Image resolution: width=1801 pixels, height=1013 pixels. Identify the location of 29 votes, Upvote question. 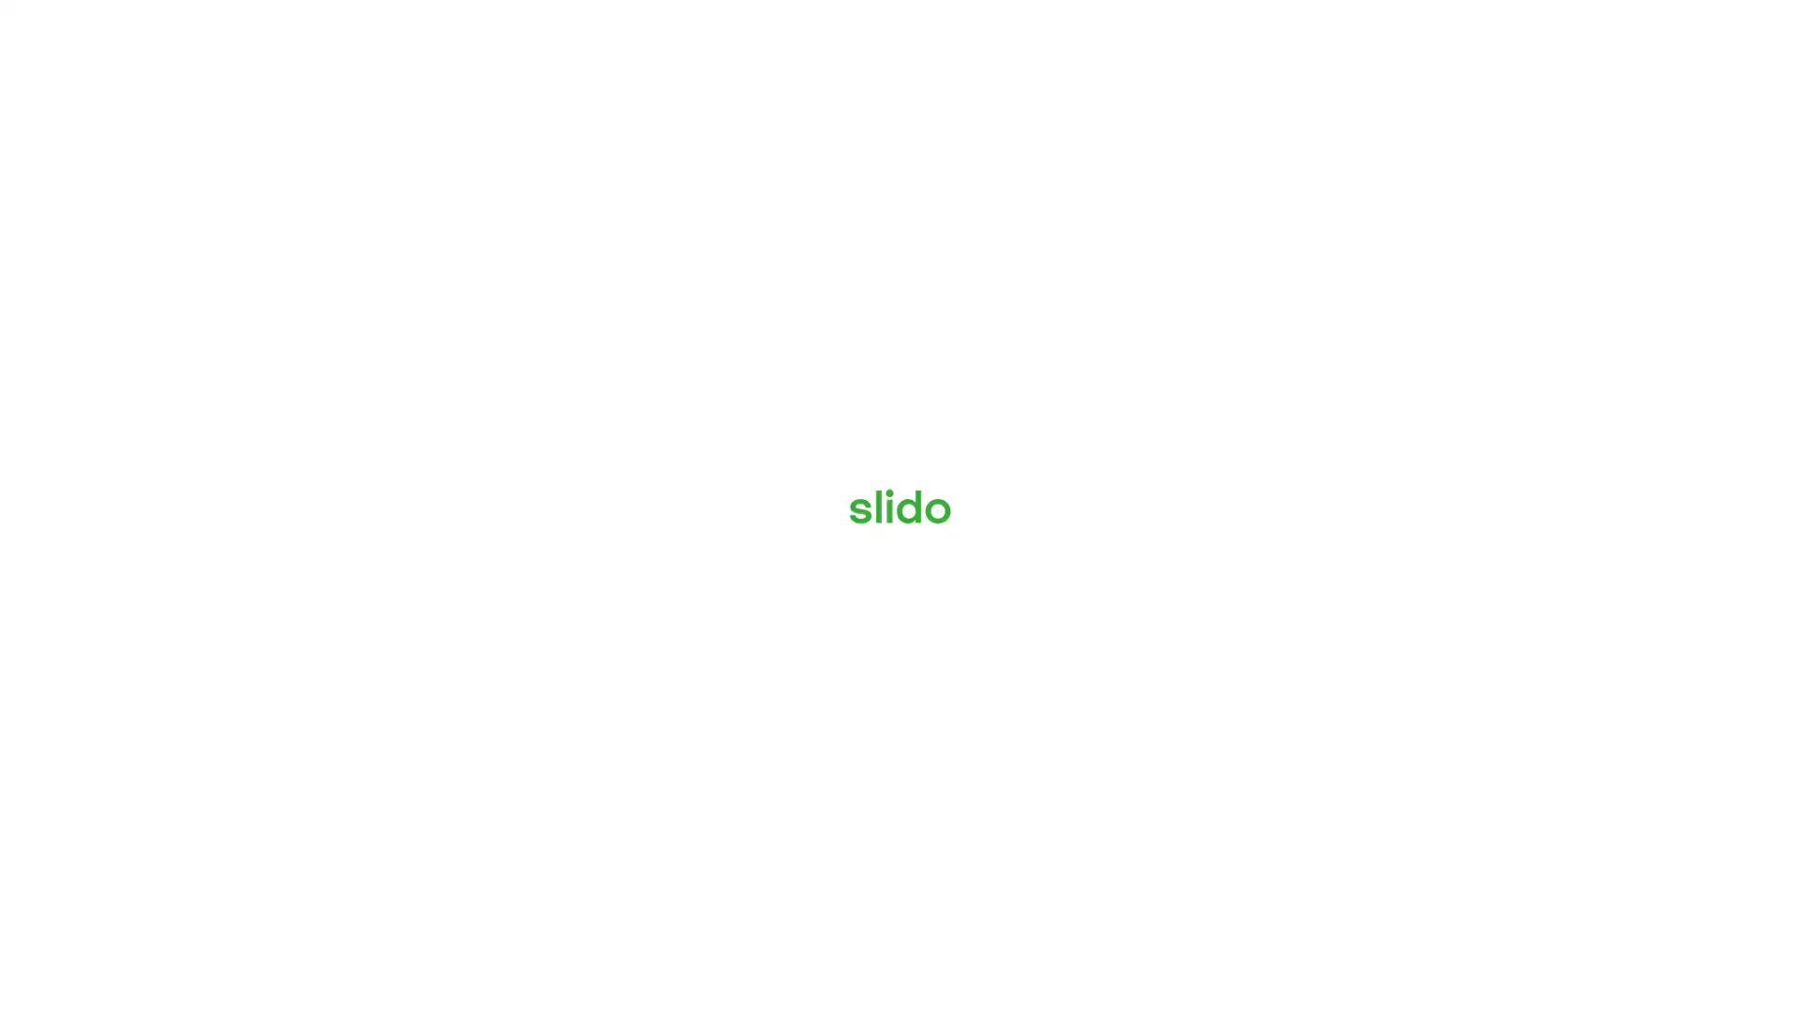
(1662, 325).